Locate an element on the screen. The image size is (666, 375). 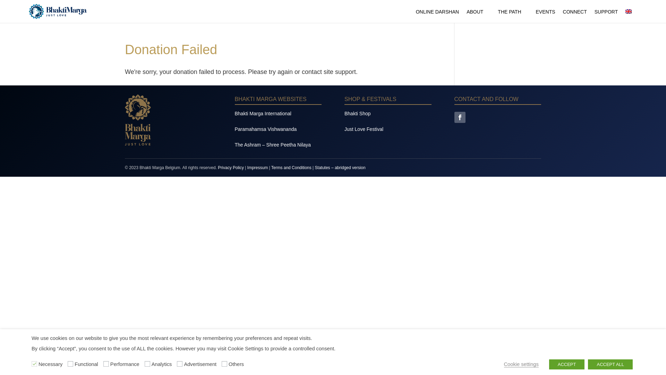
'ACCEPT' is located at coordinates (567, 364).